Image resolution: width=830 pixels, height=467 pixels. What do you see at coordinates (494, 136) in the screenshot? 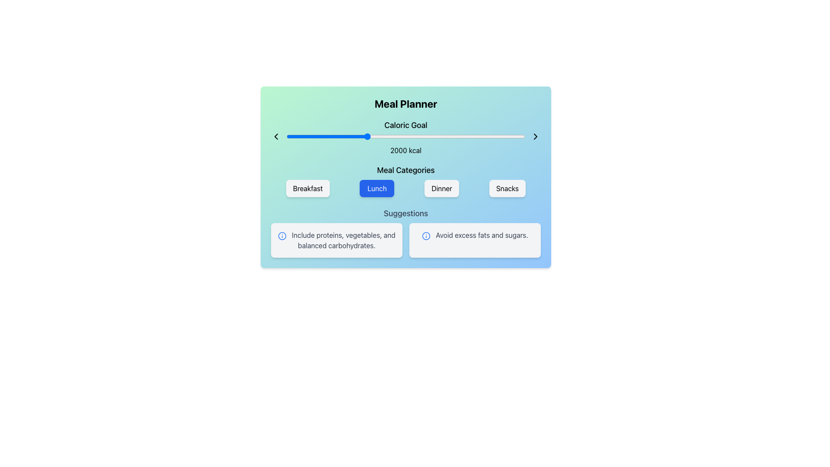
I see `the caloric goal` at bounding box center [494, 136].